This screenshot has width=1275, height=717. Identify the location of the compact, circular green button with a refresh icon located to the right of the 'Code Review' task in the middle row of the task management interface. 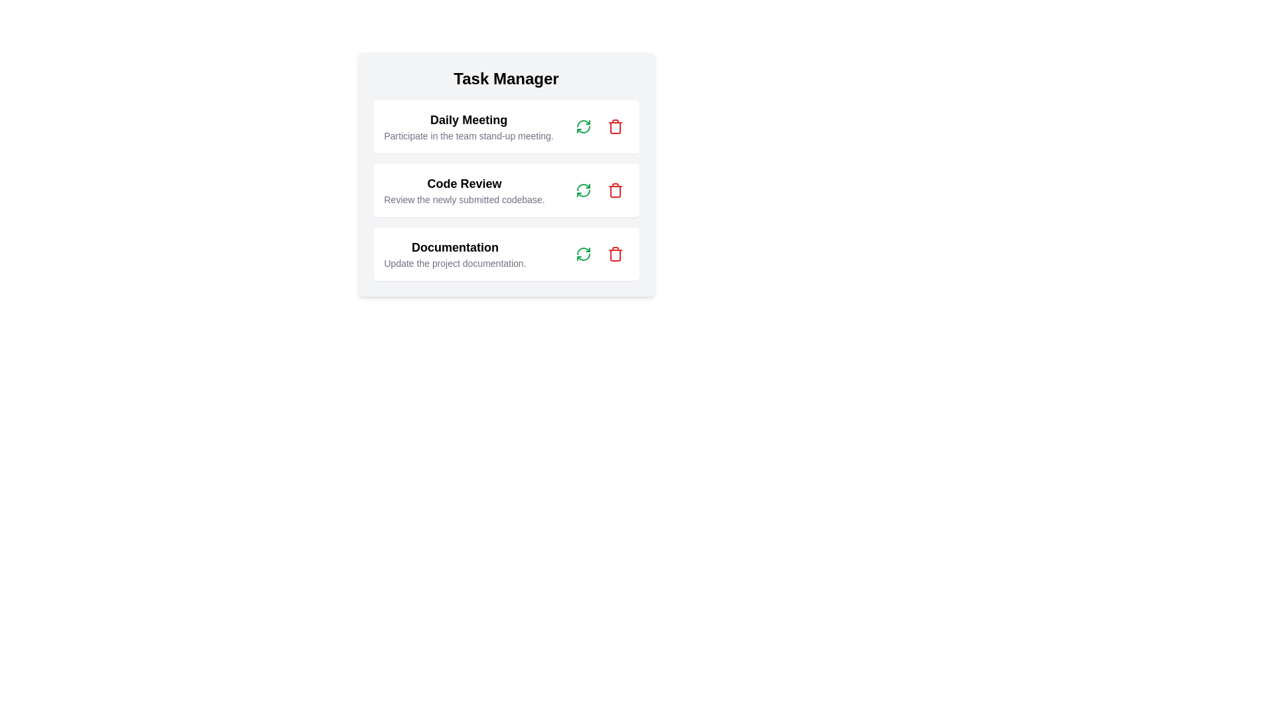
(583, 190).